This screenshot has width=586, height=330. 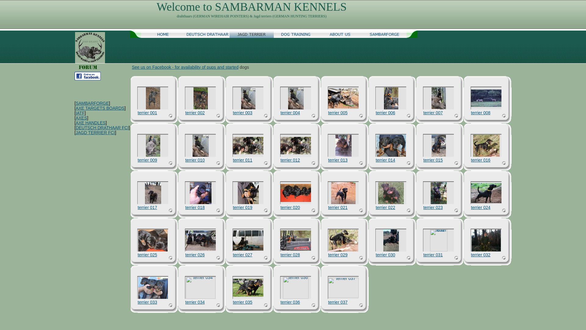 What do you see at coordinates (248, 240) in the screenshot?
I see `'terrier 027'` at bounding box center [248, 240].